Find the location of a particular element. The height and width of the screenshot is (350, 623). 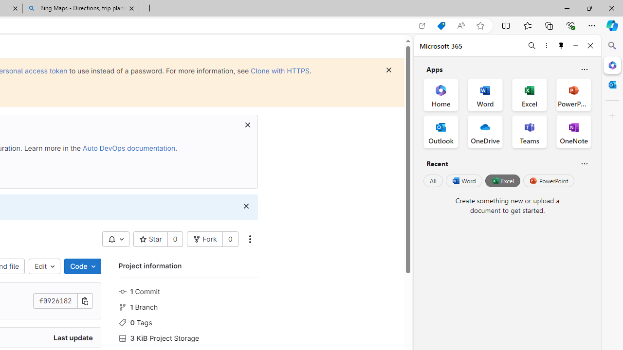

'Open in app' is located at coordinates (422, 25).